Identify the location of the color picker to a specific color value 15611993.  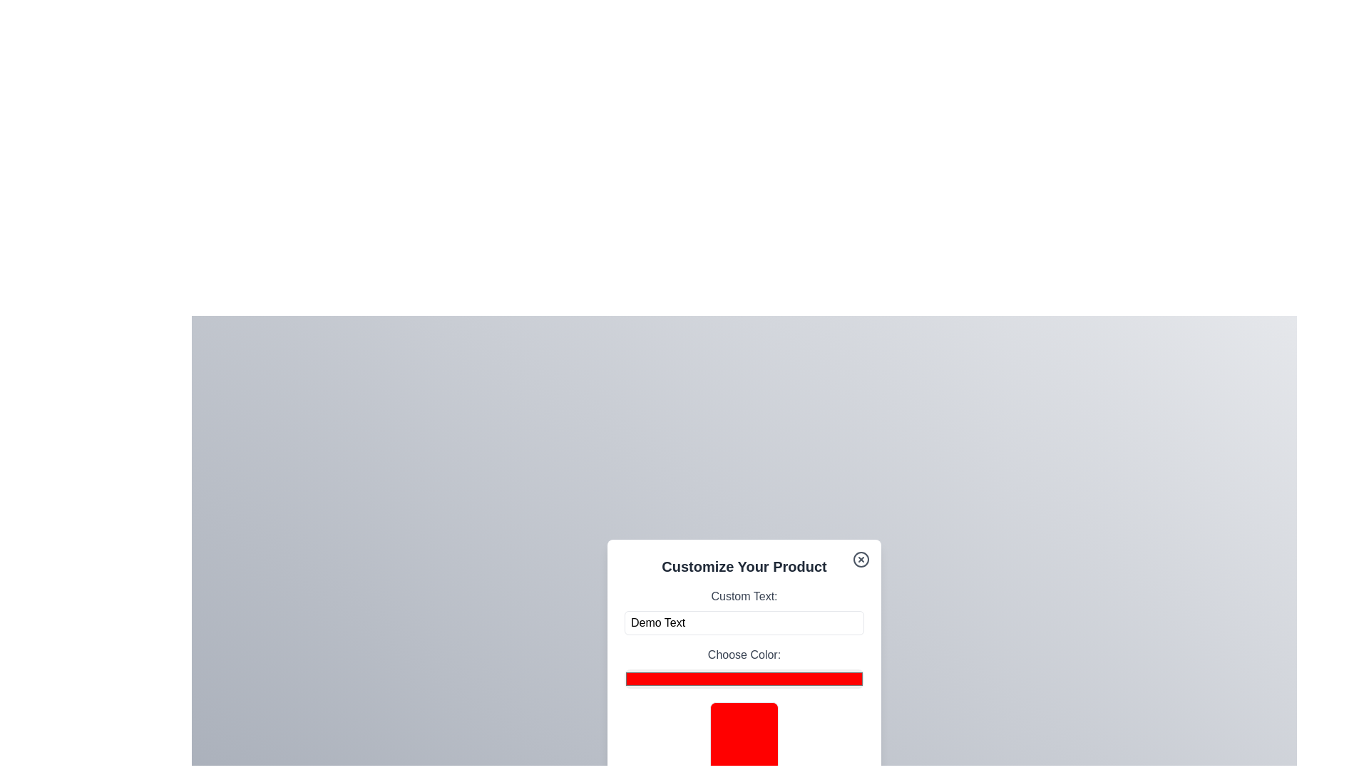
(743, 678).